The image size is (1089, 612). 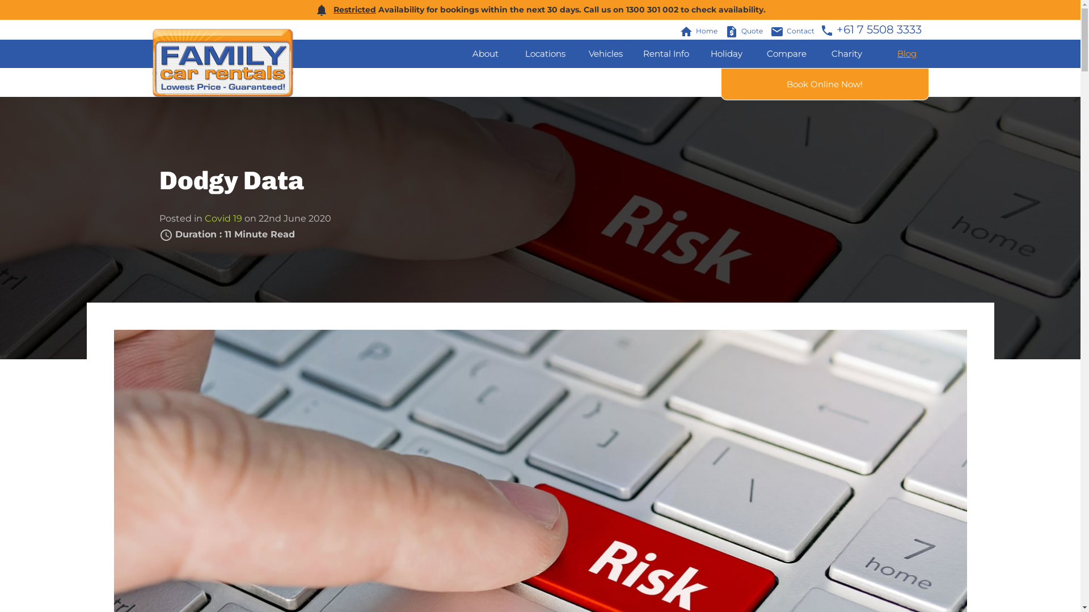 I want to click on 'request_quoteQuote', so click(x=746, y=30).